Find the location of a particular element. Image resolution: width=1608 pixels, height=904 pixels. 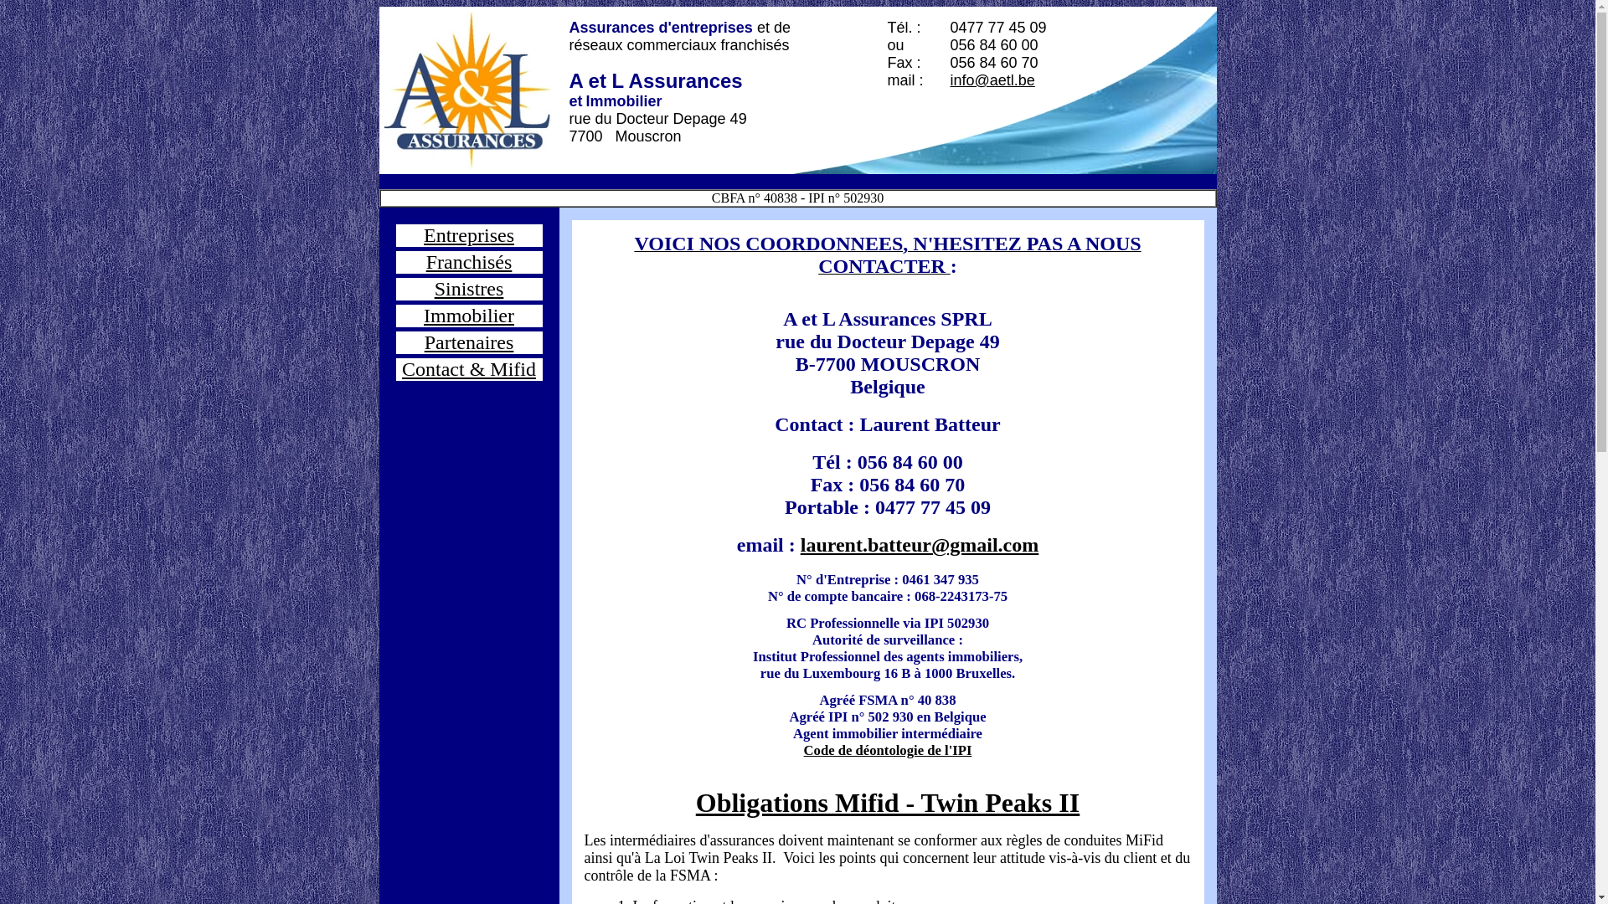

'Contact & Mifid' is located at coordinates (469, 367).